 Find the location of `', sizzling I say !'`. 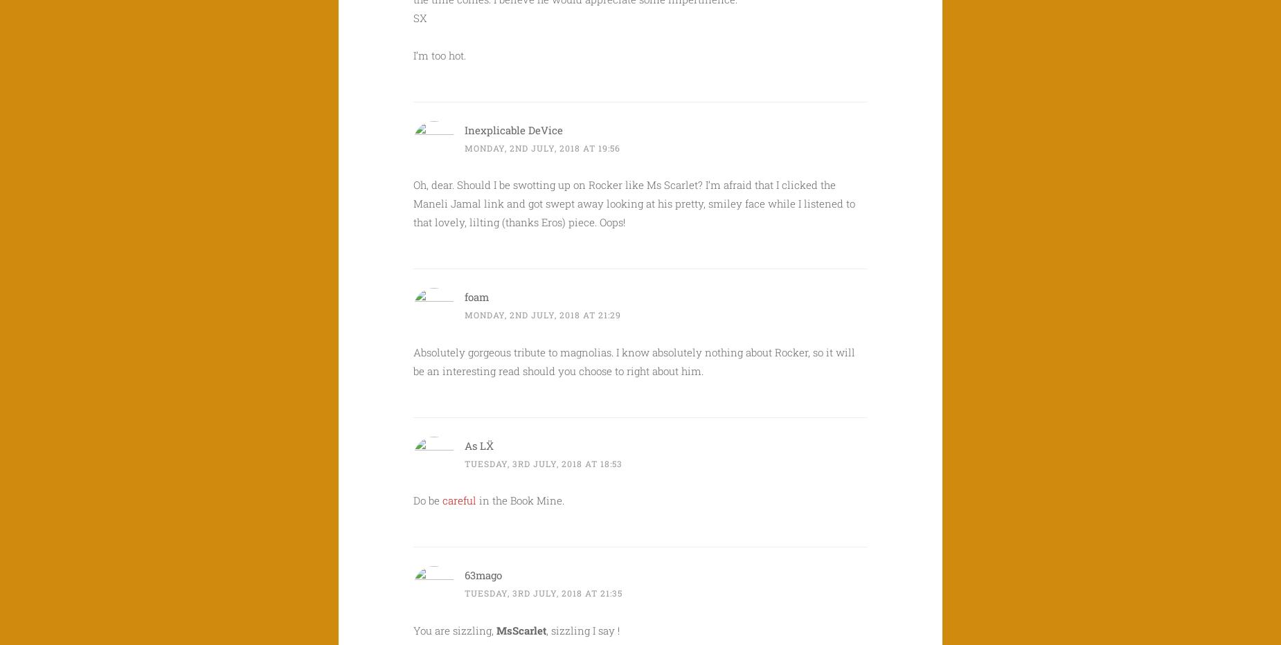

', sizzling I say !' is located at coordinates (582, 630).